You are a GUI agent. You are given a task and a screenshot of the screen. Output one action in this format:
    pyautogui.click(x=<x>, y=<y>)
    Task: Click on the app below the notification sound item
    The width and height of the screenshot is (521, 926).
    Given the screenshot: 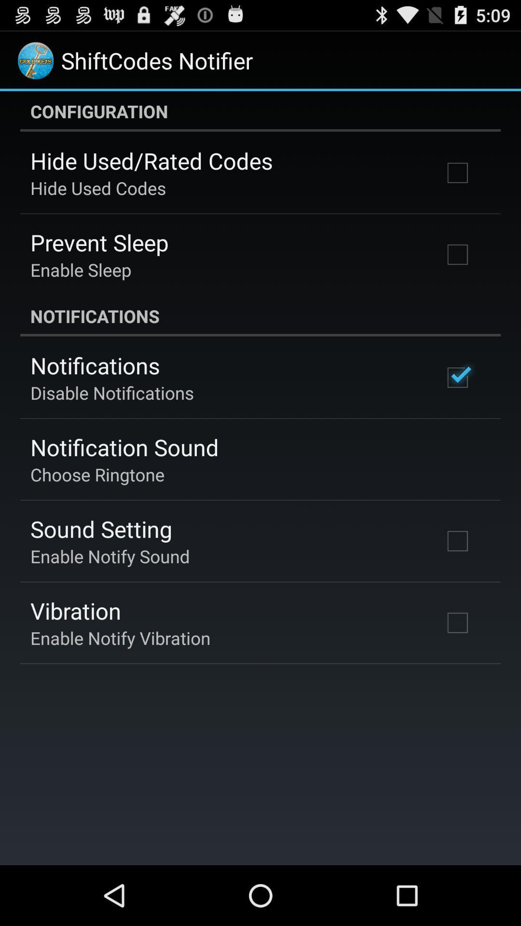 What is the action you would take?
    pyautogui.click(x=97, y=474)
    